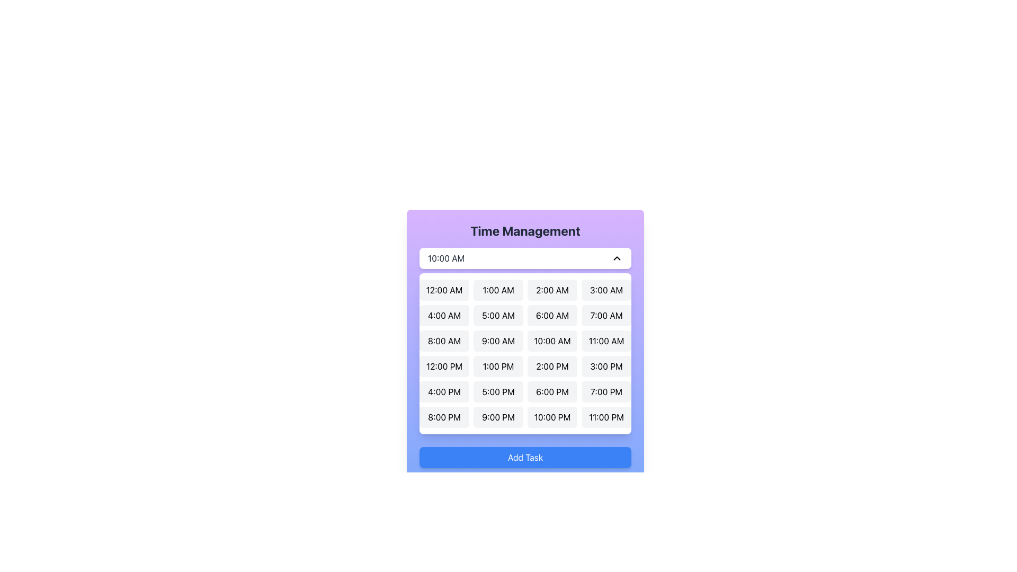  I want to click on the time selection button for 2:00 PM located in the third row and third column of the grid layout, which is situated below the 'Time Management' dropdown and above the 'Add Task' button to observe a visual change, so click(551, 365).